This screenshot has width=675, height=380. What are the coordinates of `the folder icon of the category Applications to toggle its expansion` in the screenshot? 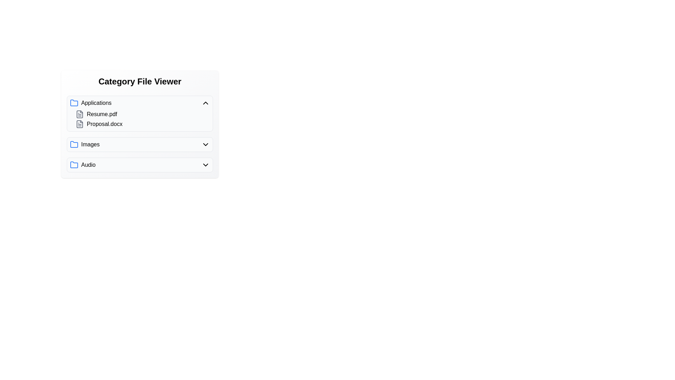 It's located at (74, 103).